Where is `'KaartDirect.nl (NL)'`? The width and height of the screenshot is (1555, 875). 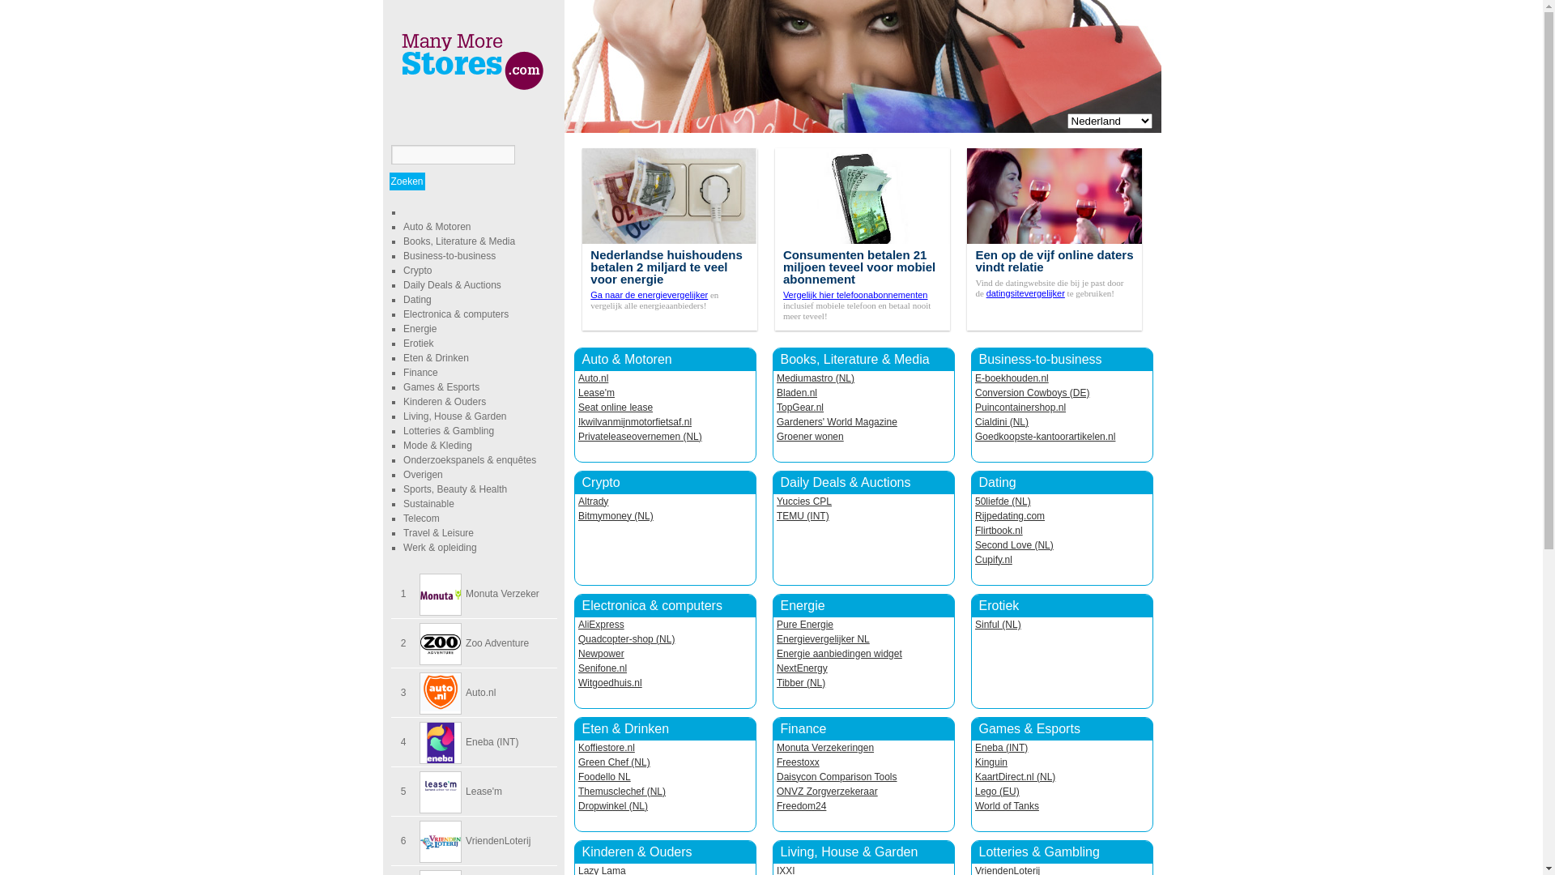 'KaartDirect.nl (NL)' is located at coordinates (1014, 776).